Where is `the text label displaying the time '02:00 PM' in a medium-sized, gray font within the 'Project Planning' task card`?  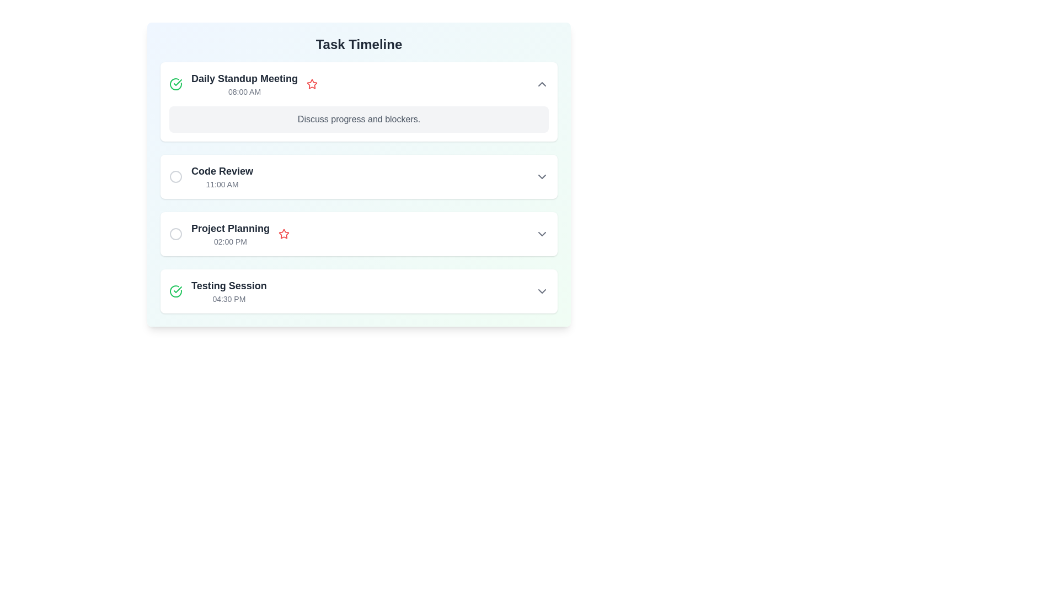
the text label displaying the time '02:00 PM' in a medium-sized, gray font within the 'Project Planning' task card is located at coordinates (229, 241).